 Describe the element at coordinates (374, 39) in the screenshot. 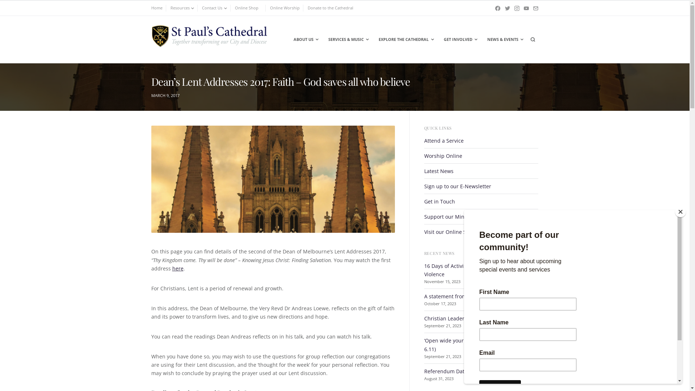

I see `'EXPLORE THE CATHEDRAL'` at that location.